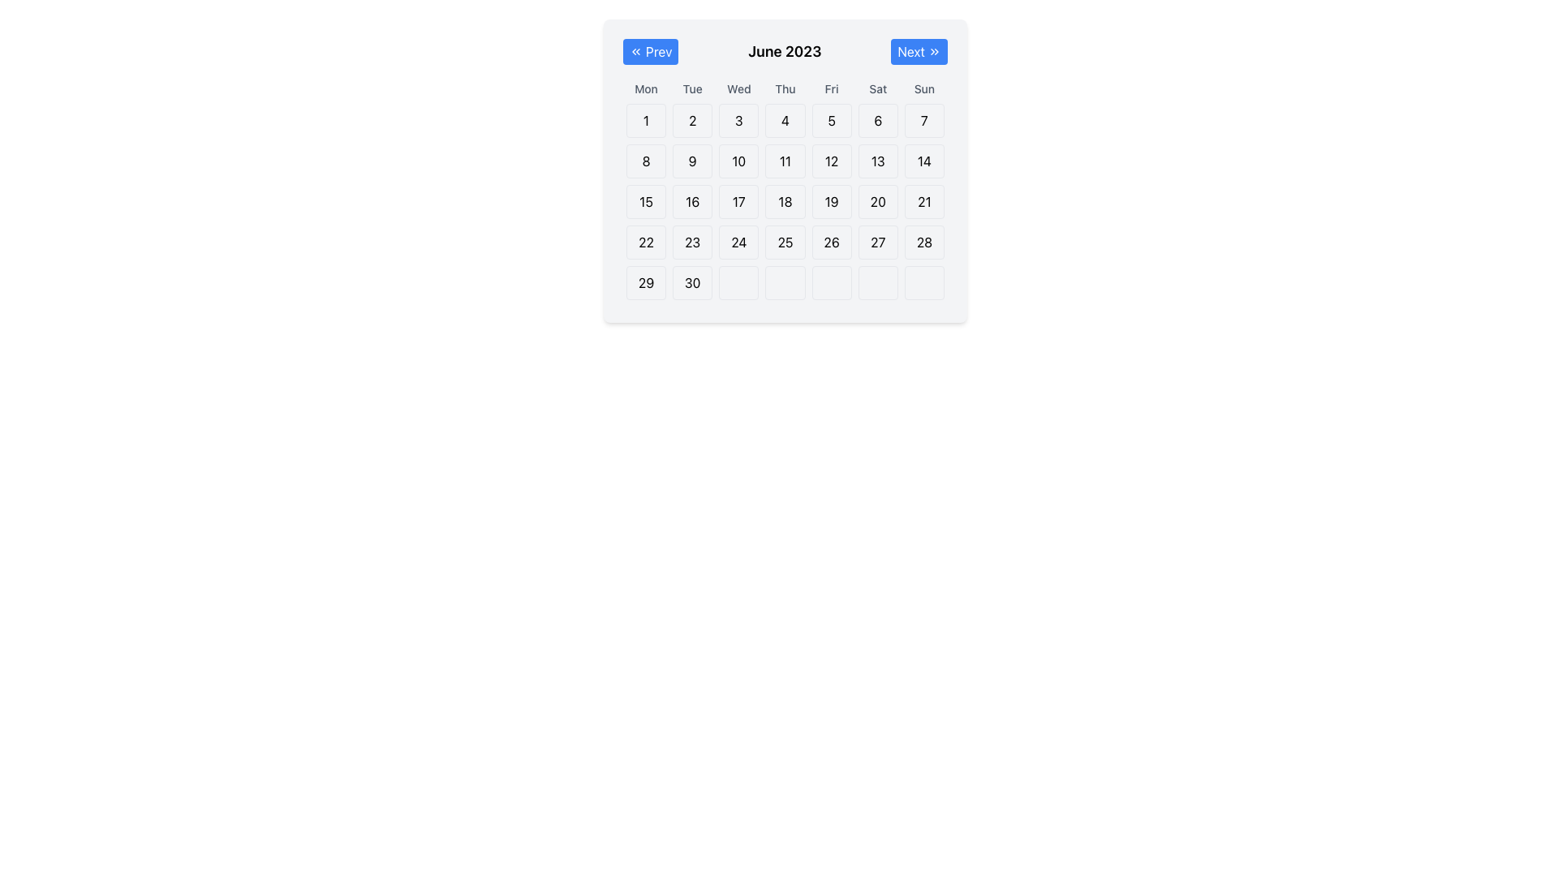  I want to click on the numeric date '11' in the grouped numeric calendar dates, so click(785, 161).